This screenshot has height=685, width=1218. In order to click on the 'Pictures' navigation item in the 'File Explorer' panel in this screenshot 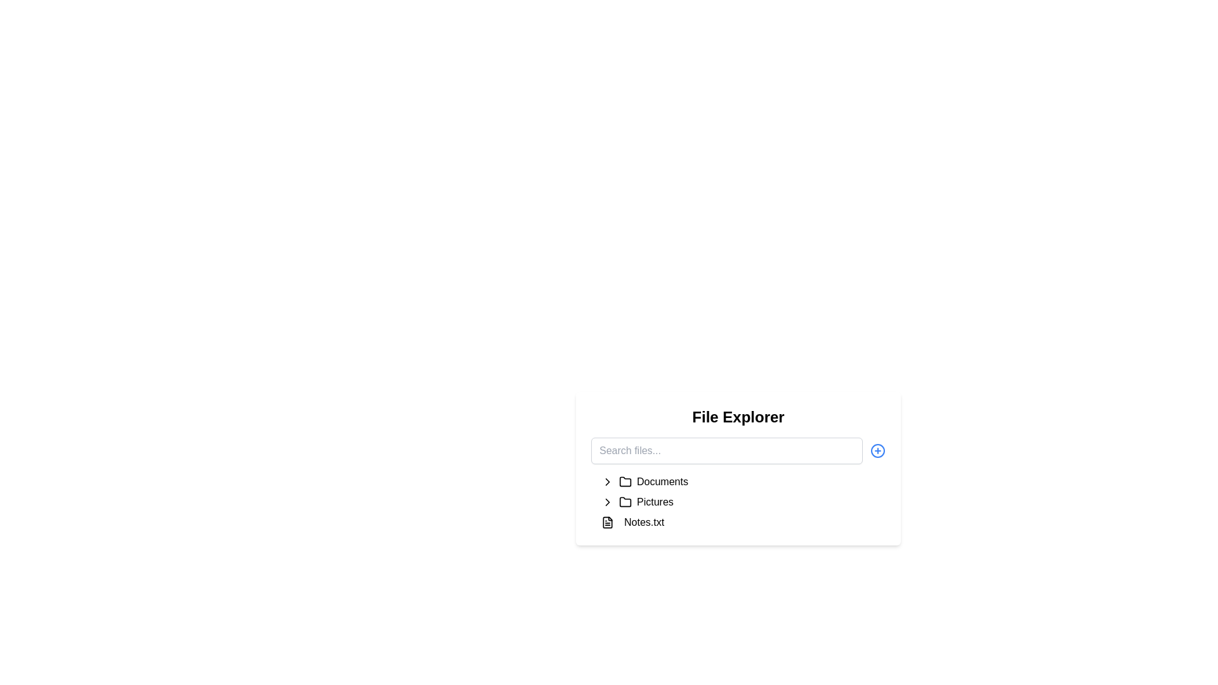, I will do `click(743, 501)`.